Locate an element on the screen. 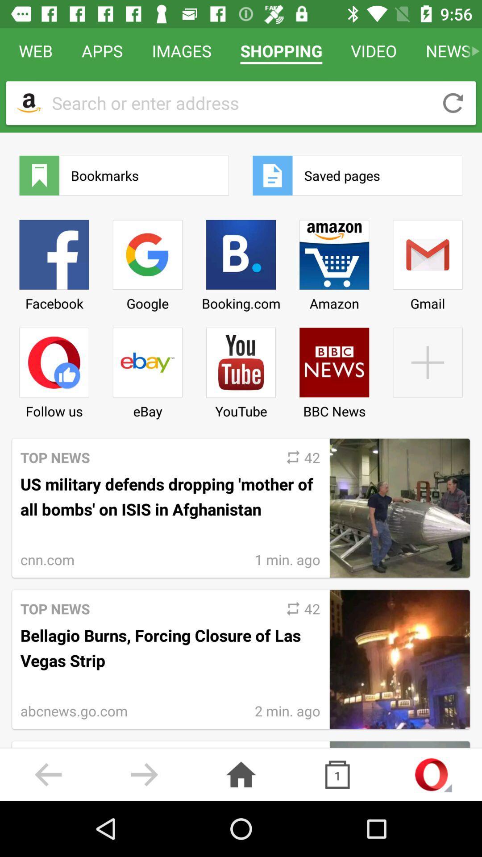  the arrow_forward icon is located at coordinates (144, 774).